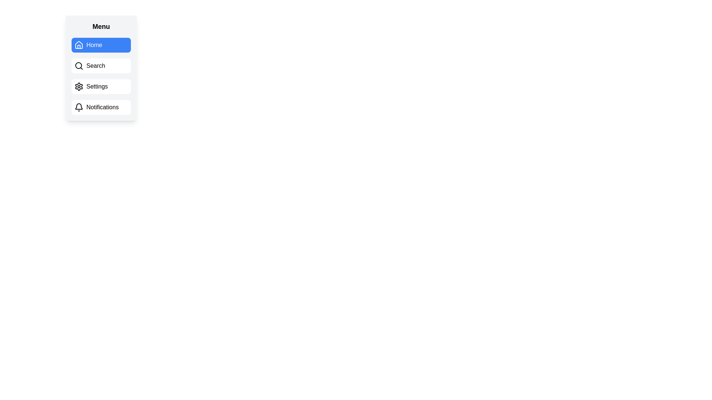  I want to click on the settings button located beneath the 'Menu' header, which is the third item in the vertical list, so click(101, 86).